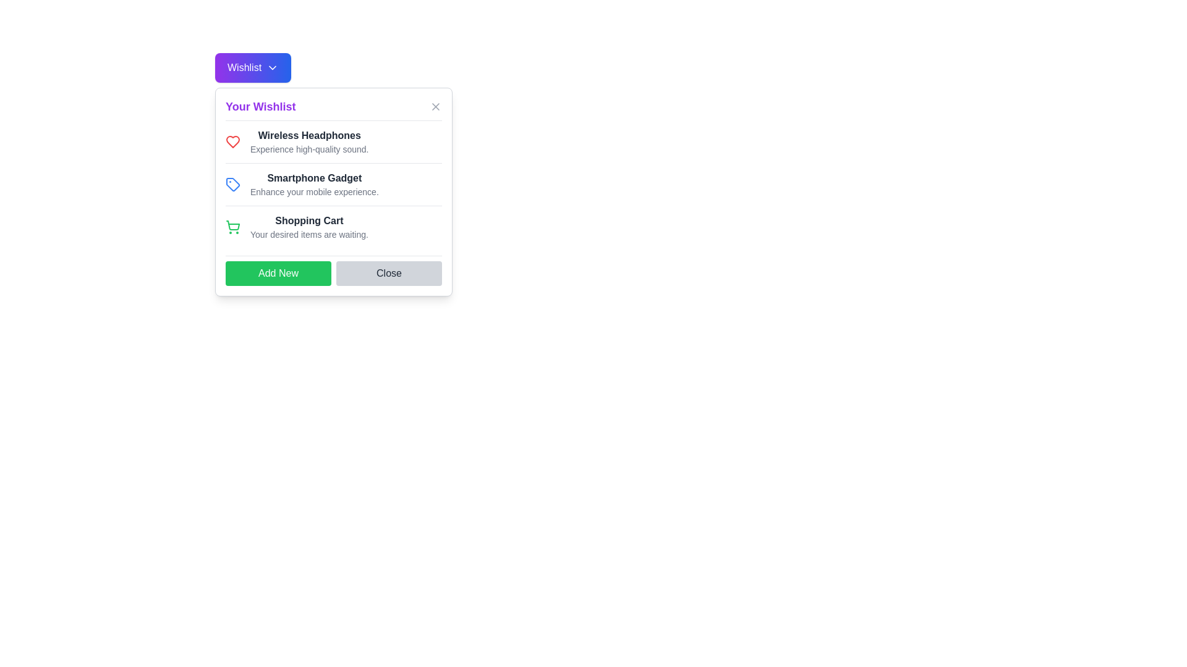 The image size is (1187, 667). Describe the element at coordinates (233, 185) in the screenshot. I see `the blue tag-shaped icon associated with the list item labeled 'Smartphone Gadget'` at that location.